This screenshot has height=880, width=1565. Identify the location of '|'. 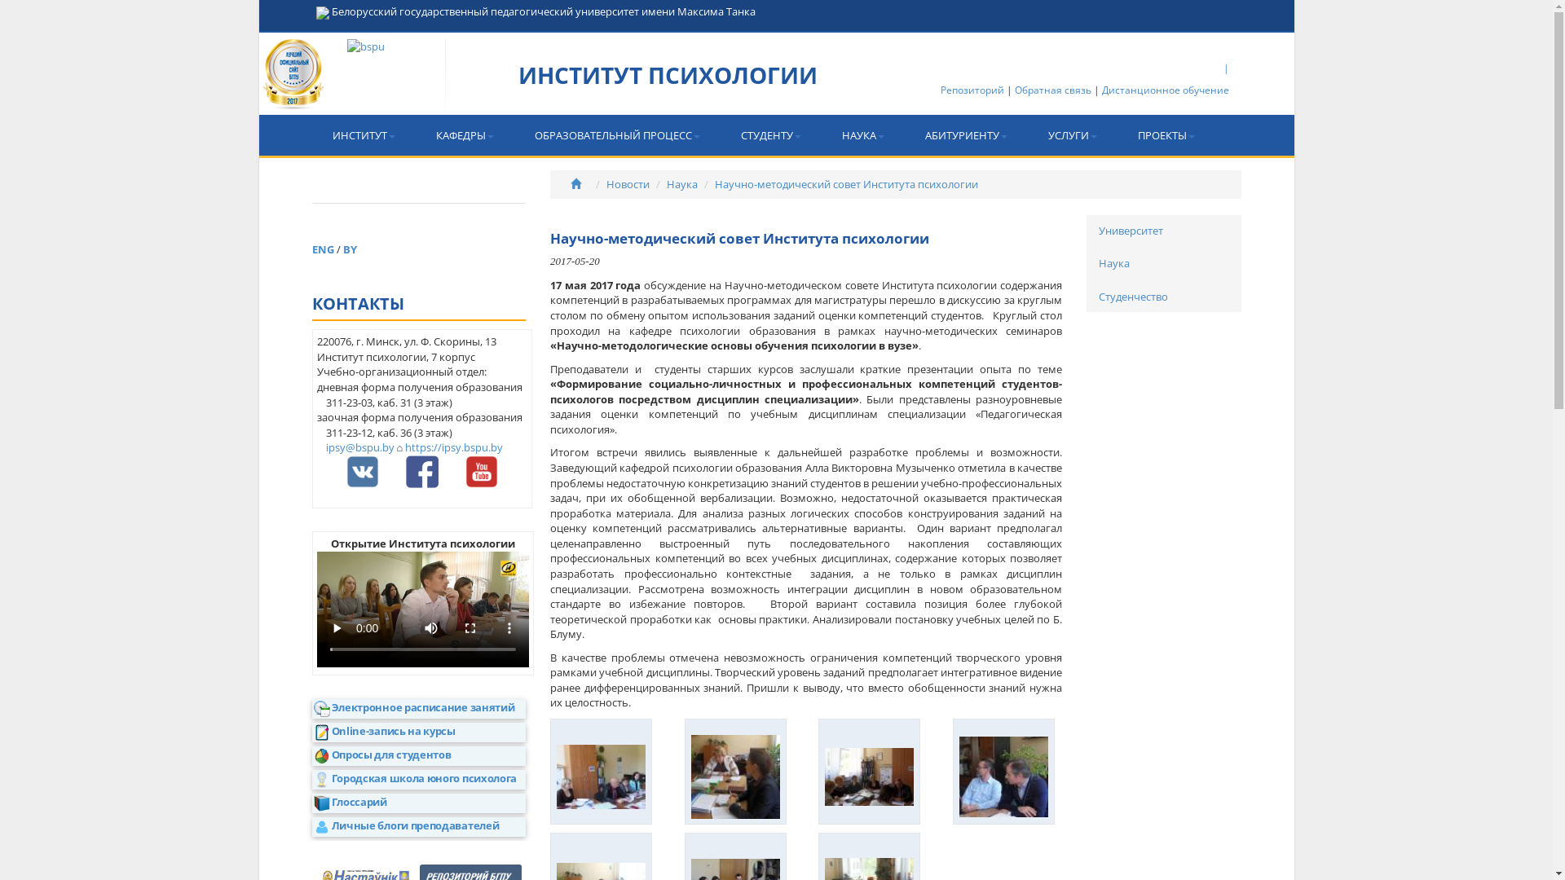
(1225, 67).